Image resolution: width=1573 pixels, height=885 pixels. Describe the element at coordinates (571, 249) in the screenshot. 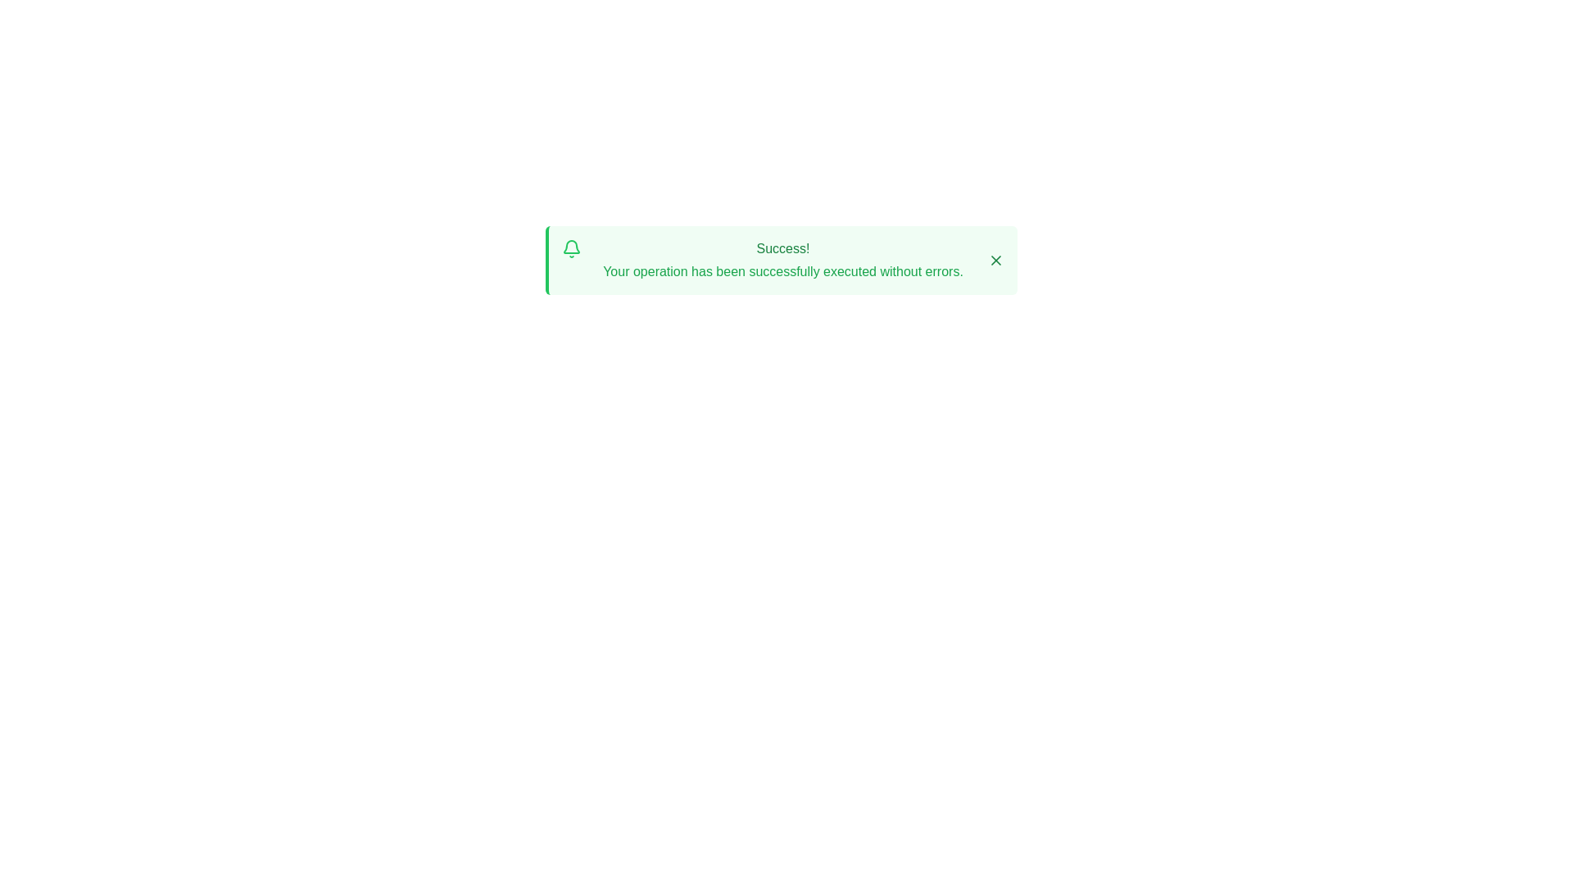

I see `the alert icon to visually interact with it` at that location.